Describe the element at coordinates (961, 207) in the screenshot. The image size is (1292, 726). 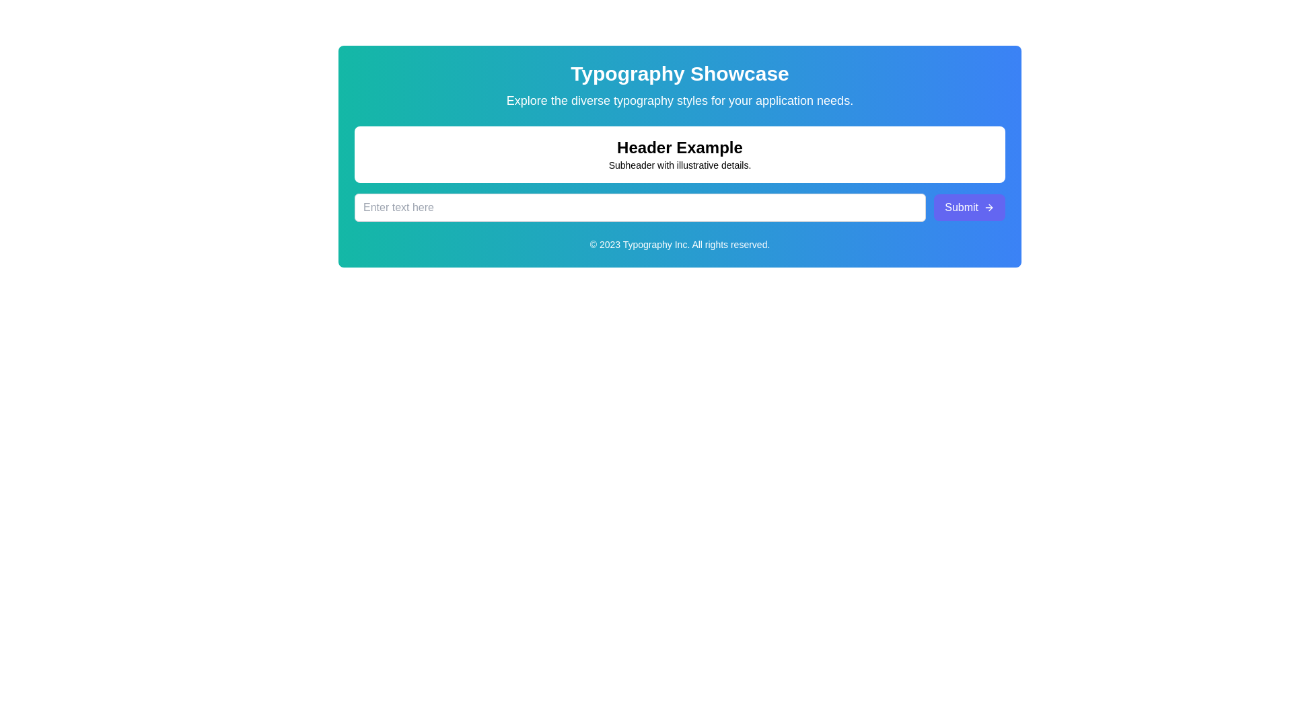
I see `the Text Label that indicates the purpose of the submit button, located in the bottom right corner of the form area, to the left of an arrow-shaped icon` at that location.